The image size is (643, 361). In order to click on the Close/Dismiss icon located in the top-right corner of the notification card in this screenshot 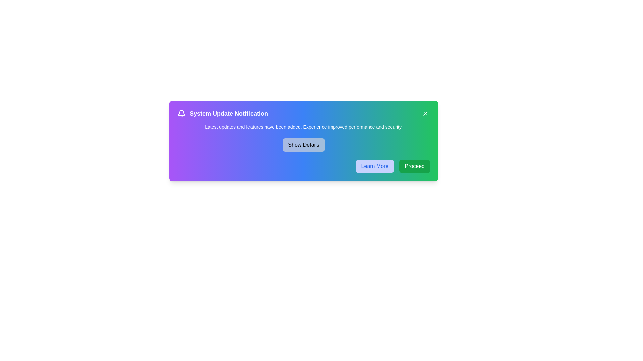, I will do `click(425, 113)`.